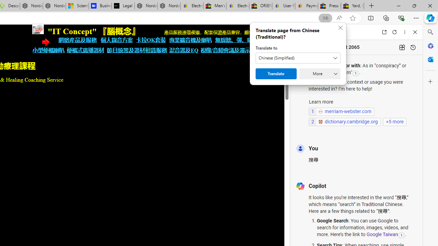 Image resolution: width=438 pixels, height=246 pixels. What do you see at coordinates (430, 32) in the screenshot?
I see `'Minimize Search pane'` at bounding box center [430, 32].